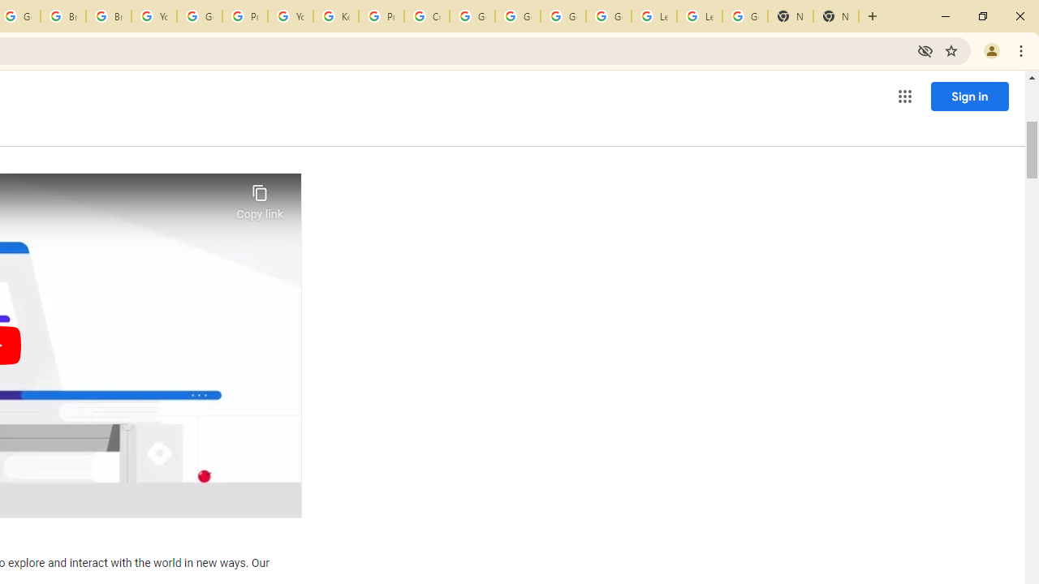 This screenshot has height=584, width=1039. What do you see at coordinates (791, 16) in the screenshot?
I see `'New Tab'` at bounding box center [791, 16].